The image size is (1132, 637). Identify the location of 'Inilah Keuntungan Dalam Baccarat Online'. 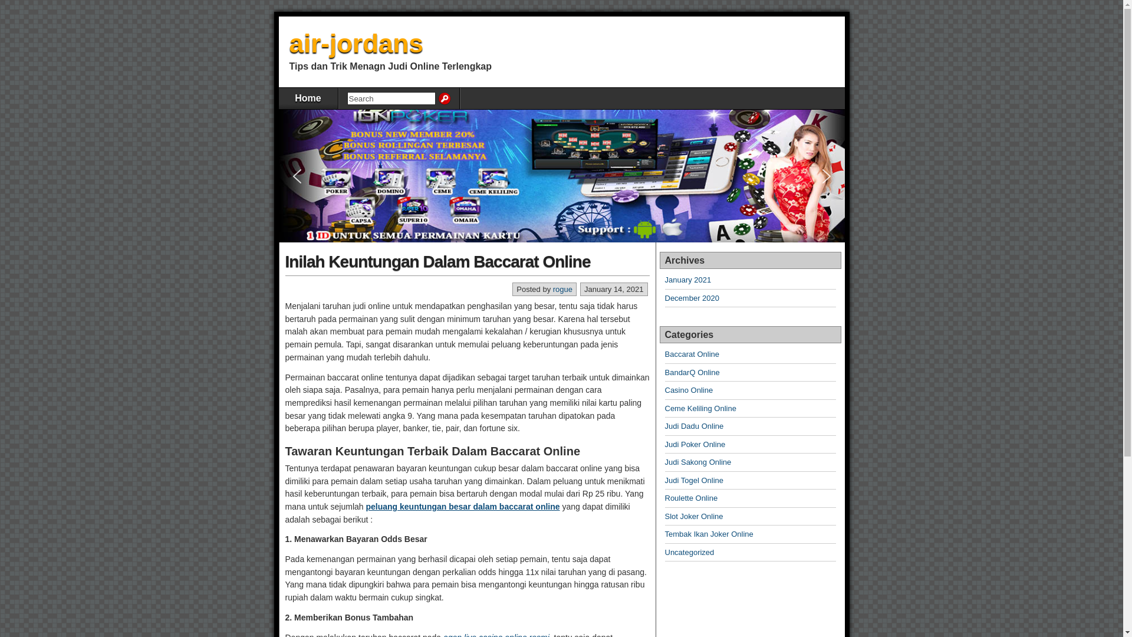
(437, 261).